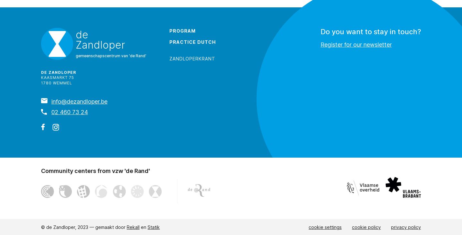 This screenshot has width=462, height=235. I want to click on 'Zandloper', so click(100, 44).